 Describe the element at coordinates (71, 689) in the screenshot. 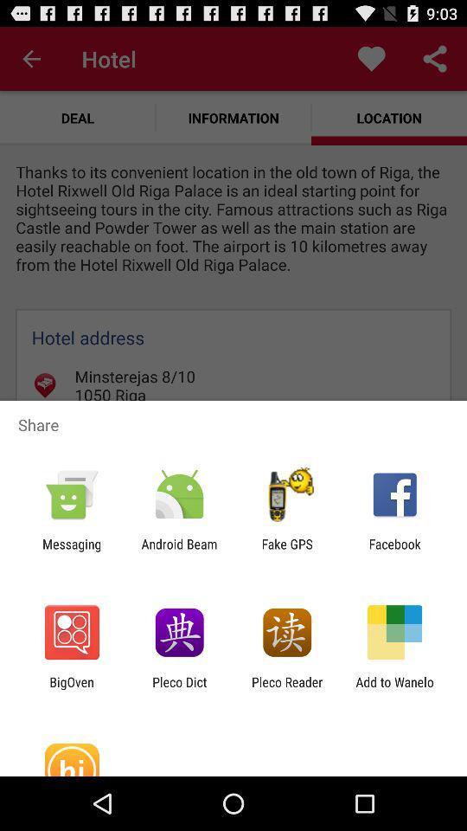

I see `item next to the pleco dict` at that location.